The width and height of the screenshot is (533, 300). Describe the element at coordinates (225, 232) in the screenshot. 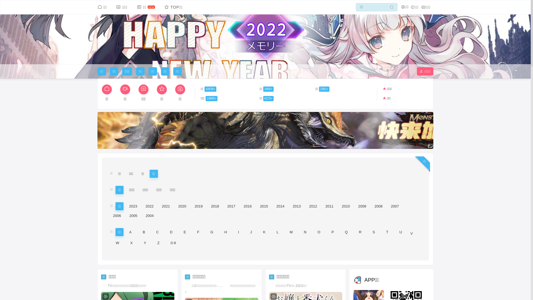

I see `'H'` at that location.